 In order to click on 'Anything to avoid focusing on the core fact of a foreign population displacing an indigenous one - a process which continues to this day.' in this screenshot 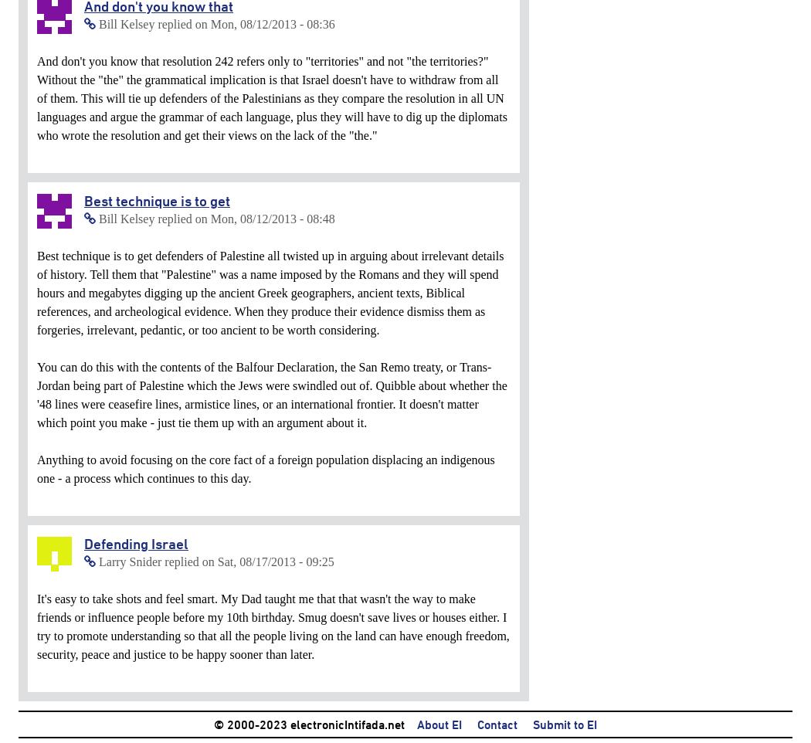, I will do `click(36, 468)`.